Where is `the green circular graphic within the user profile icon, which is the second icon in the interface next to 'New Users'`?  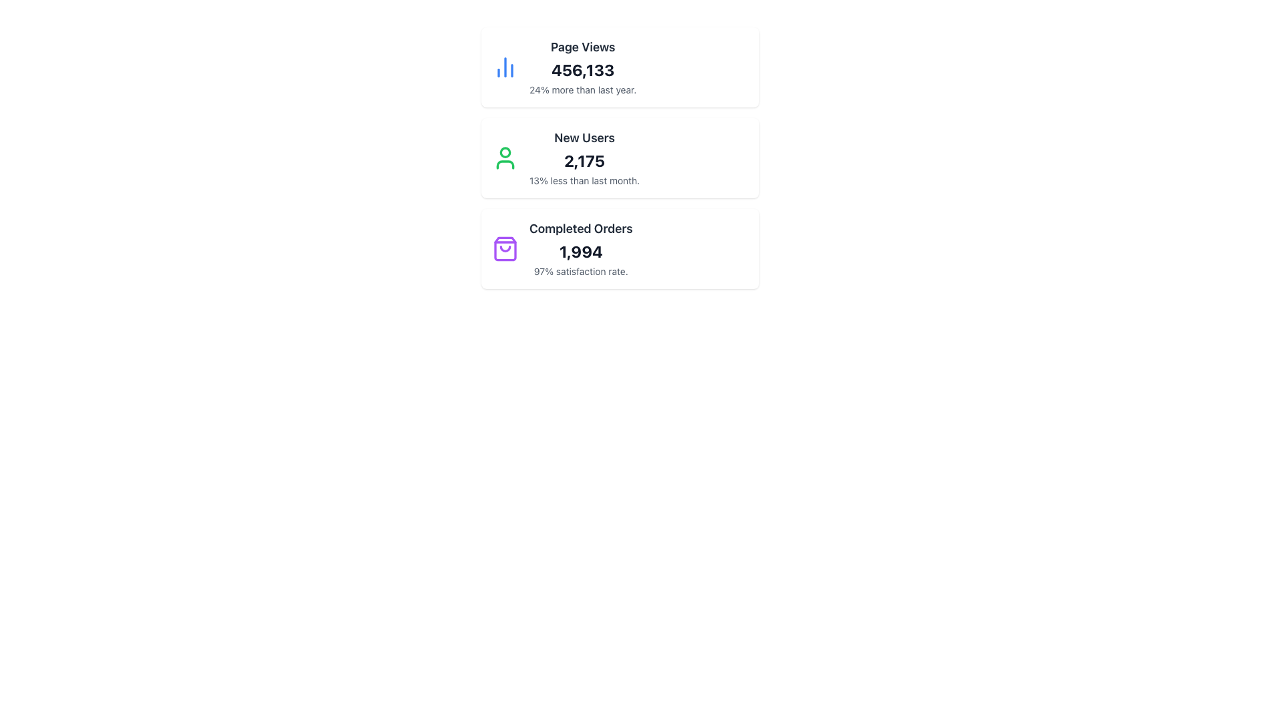 the green circular graphic within the user profile icon, which is the second icon in the interface next to 'New Users' is located at coordinates (505, 151).